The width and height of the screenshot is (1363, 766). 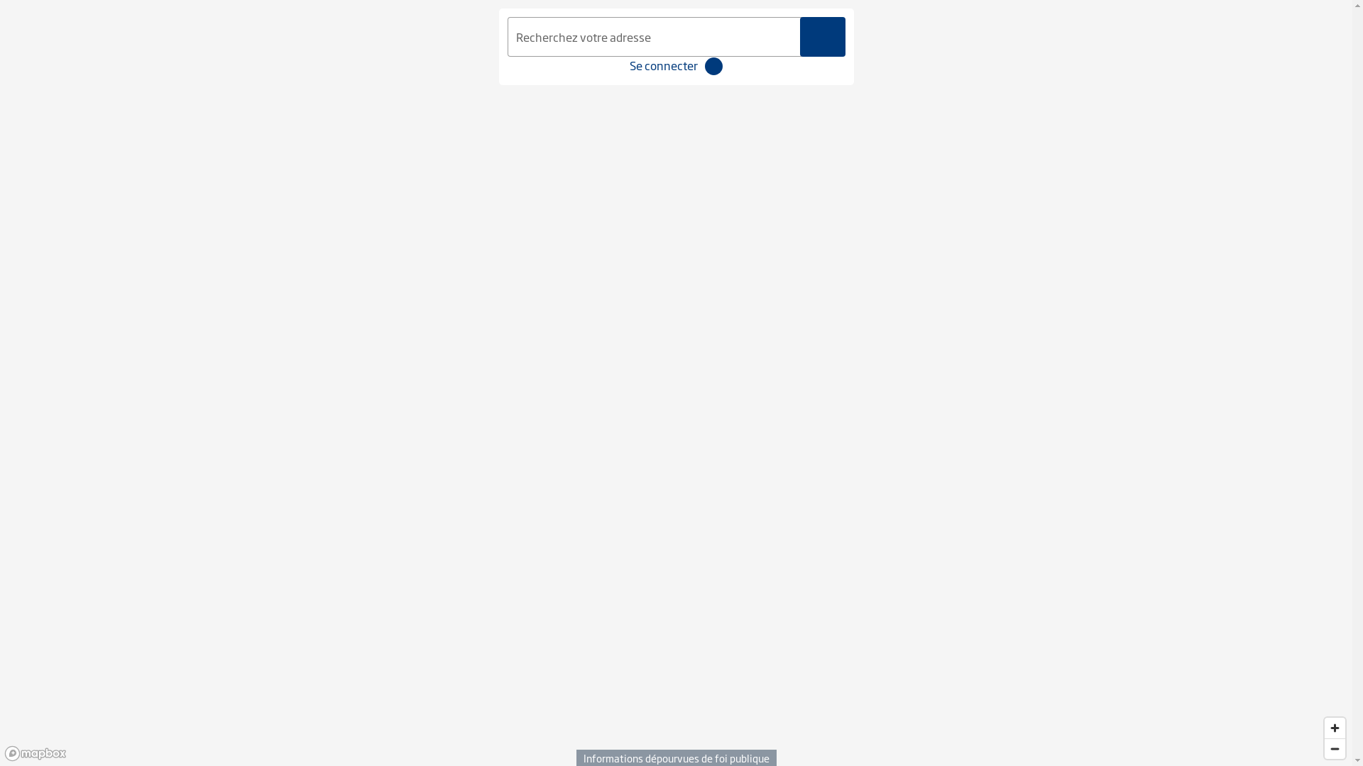 What do you see at coordinates (663, 65) in the screenshot?
I see `'Se connecter'` at bounding box center [663, 65].